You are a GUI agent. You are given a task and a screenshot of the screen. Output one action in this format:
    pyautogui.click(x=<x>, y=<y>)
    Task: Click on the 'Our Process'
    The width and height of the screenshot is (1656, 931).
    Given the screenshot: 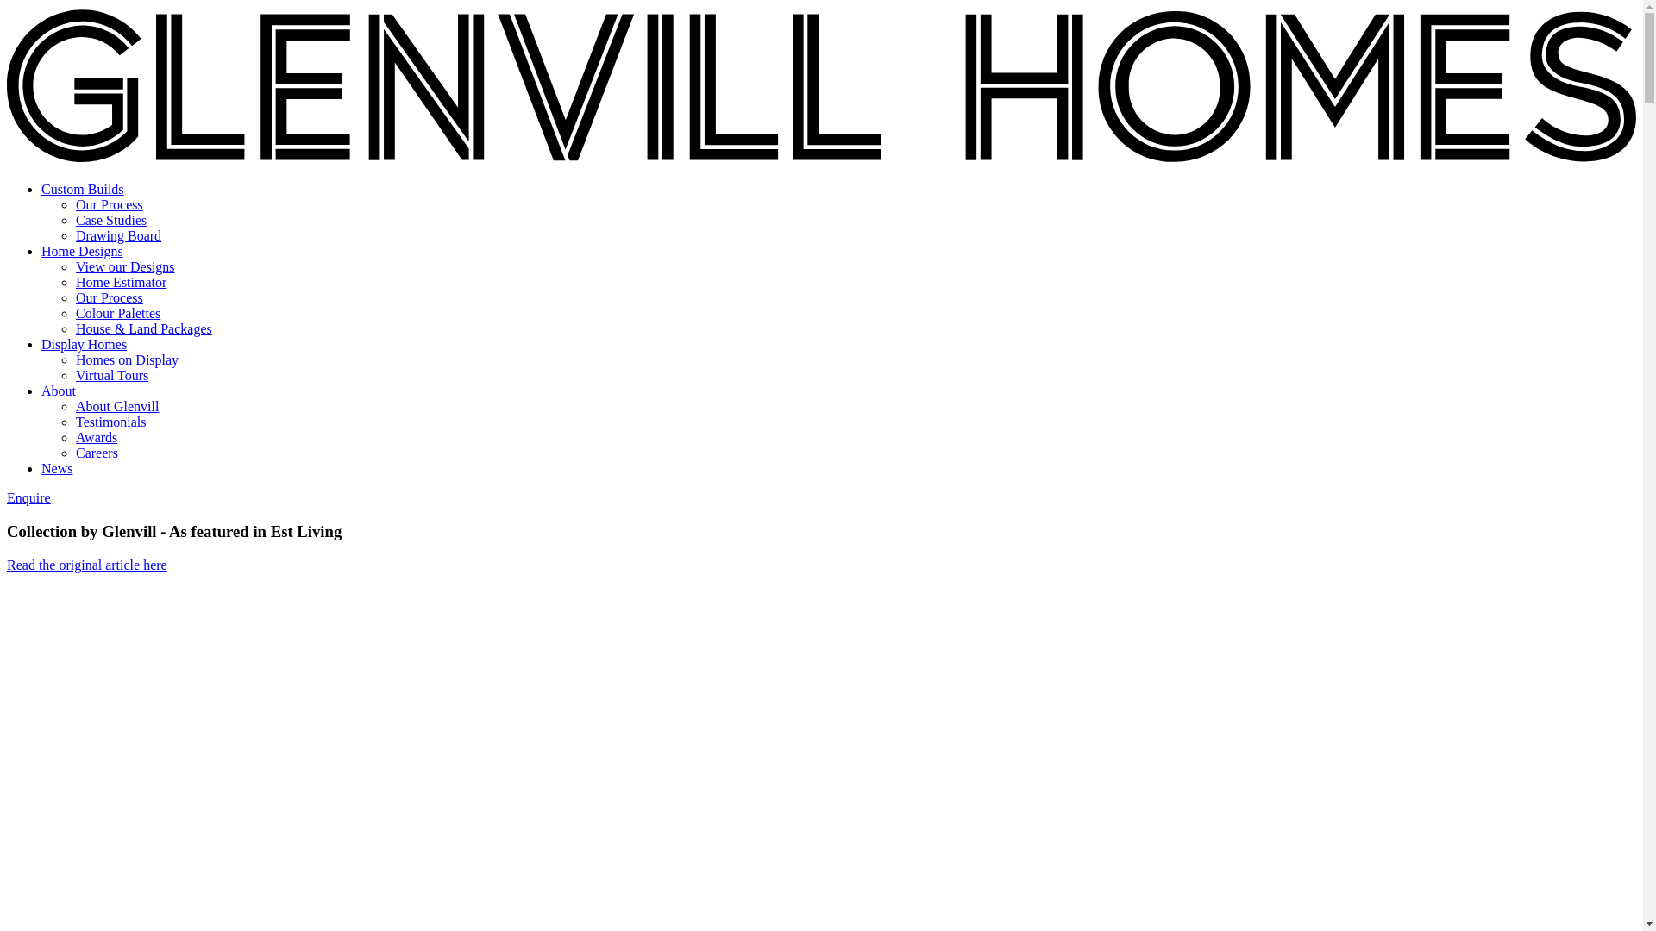 What is the action you would take?
    pyautogui.click(x=74, y=203)
    